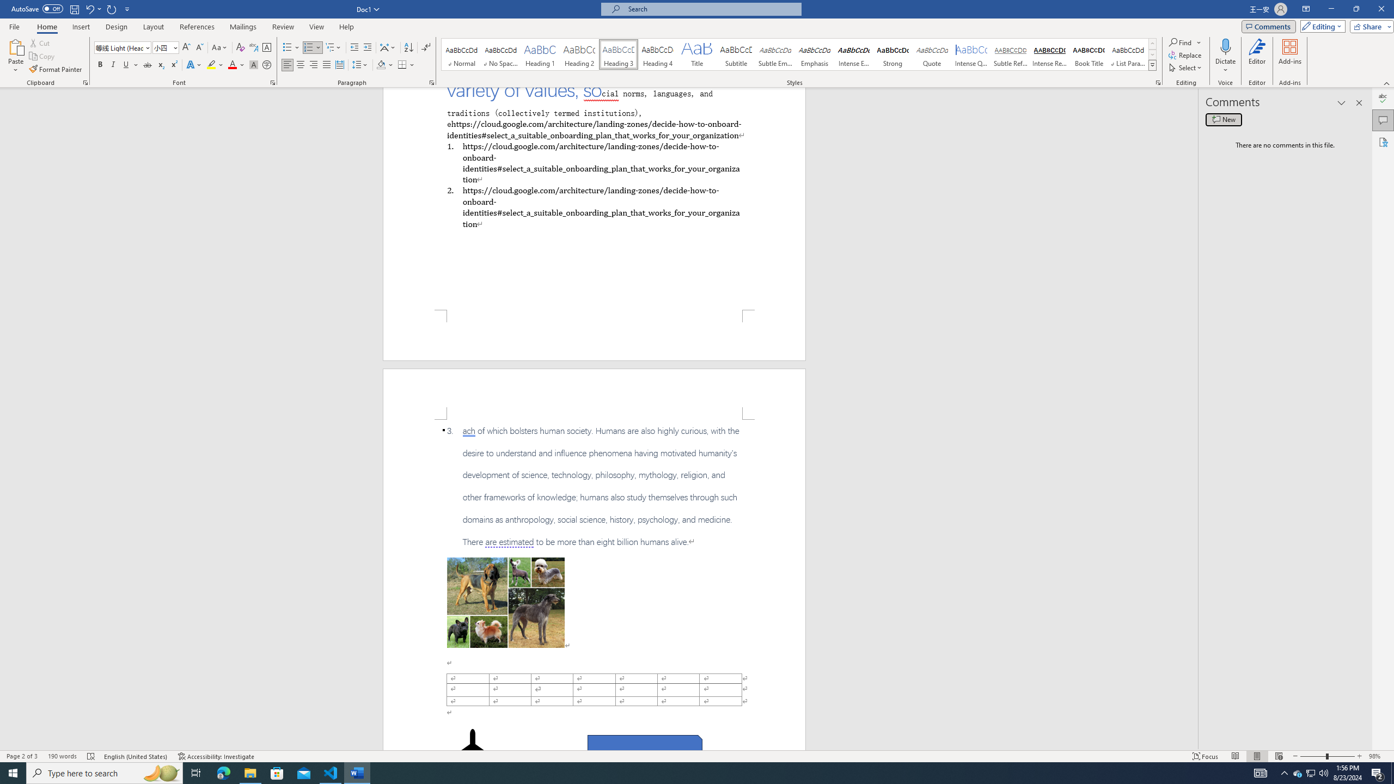 Image resolution: width=1394 pixels, height=784 pixels. What do you see at coordinates (697, 54) in the screenshot?
I see `'Title'` at bounding box center [697, 54].